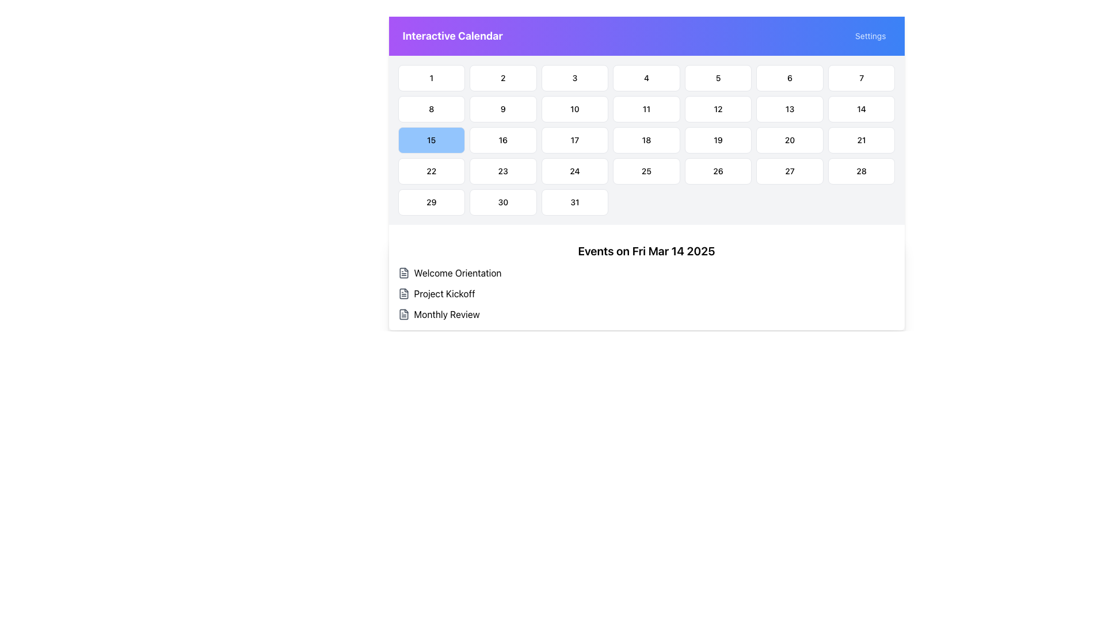  Describe the element at coordinates (718, 78) in the screenshot. I see `the text label representing the day '5' in the calendar cell, which is located in the first row and is the fifth item in a grid-like calendar interface` at that location.